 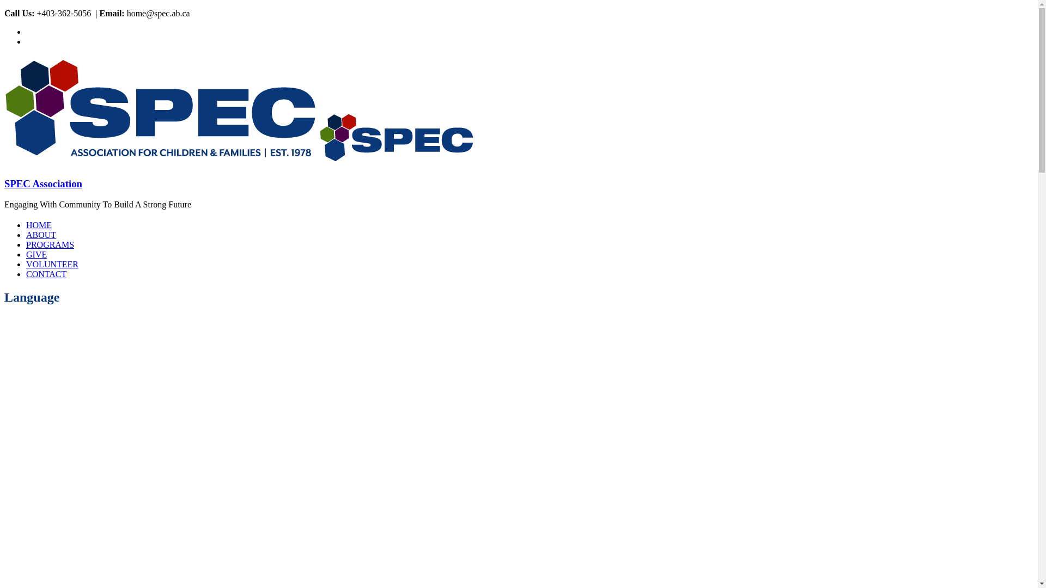 What do you see at coordinates (37, 254) in the screenshot?
I see `'GIVE'` at bounding box center [37, 254].